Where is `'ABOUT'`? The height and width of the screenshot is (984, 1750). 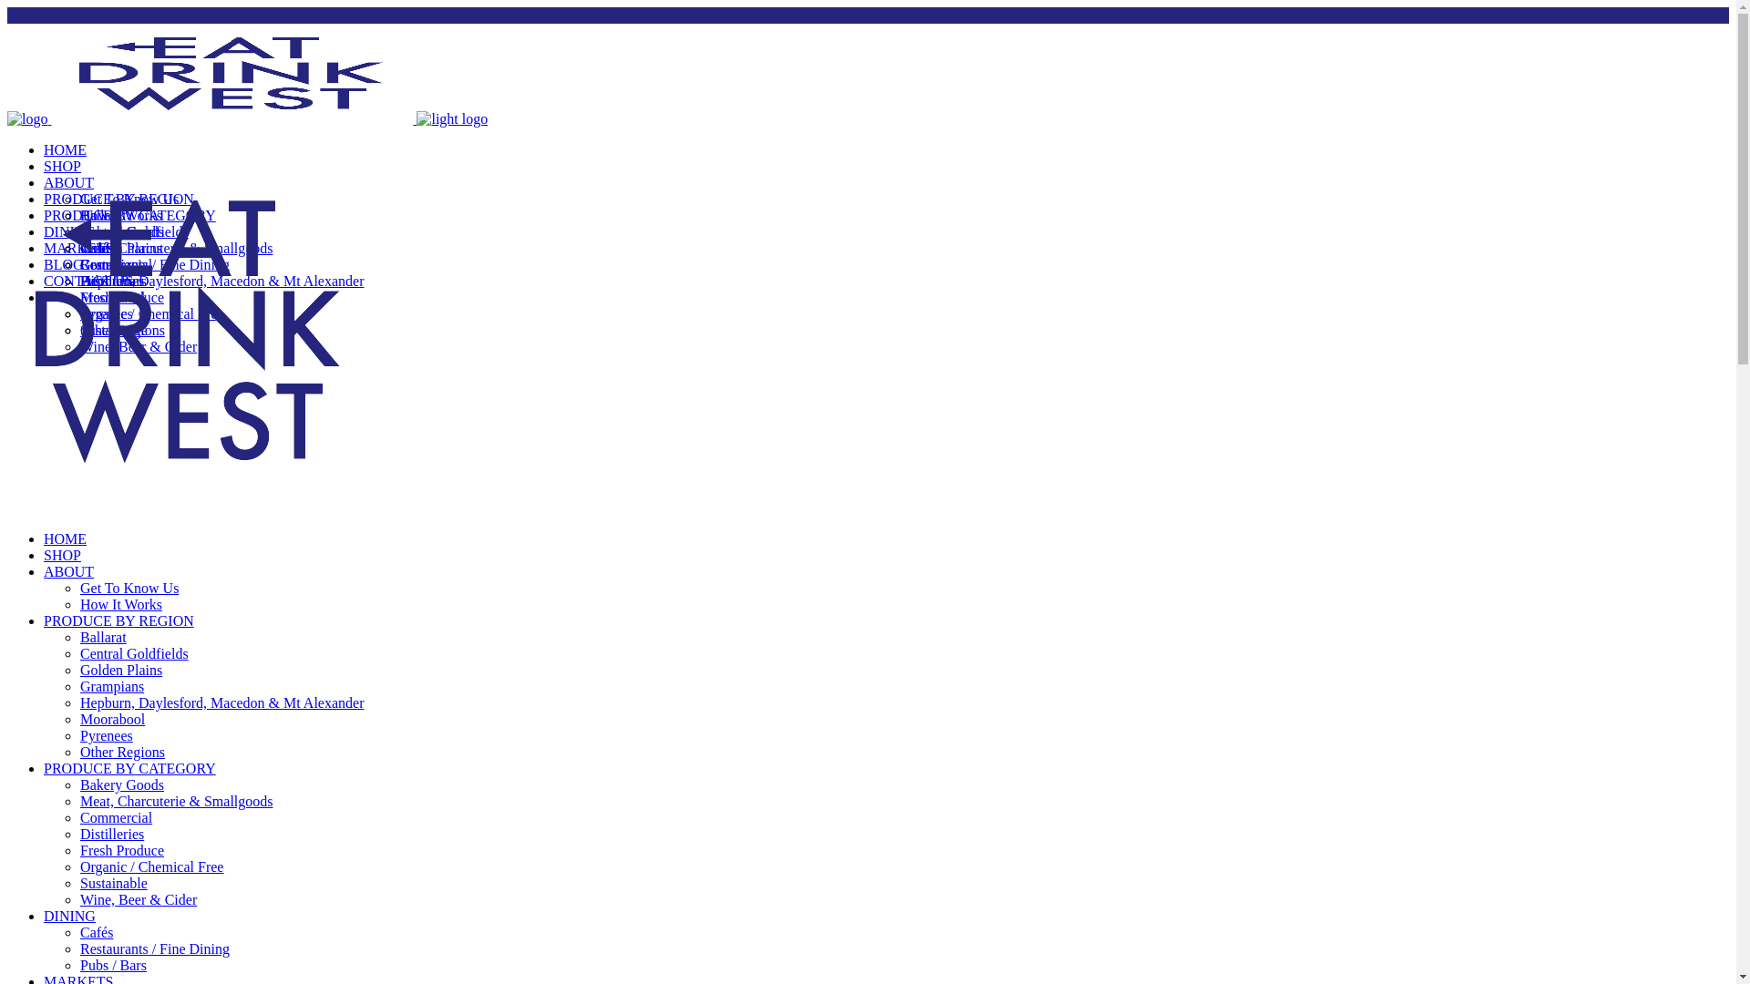 'ABOUT' is located at coordinates (68, 570).